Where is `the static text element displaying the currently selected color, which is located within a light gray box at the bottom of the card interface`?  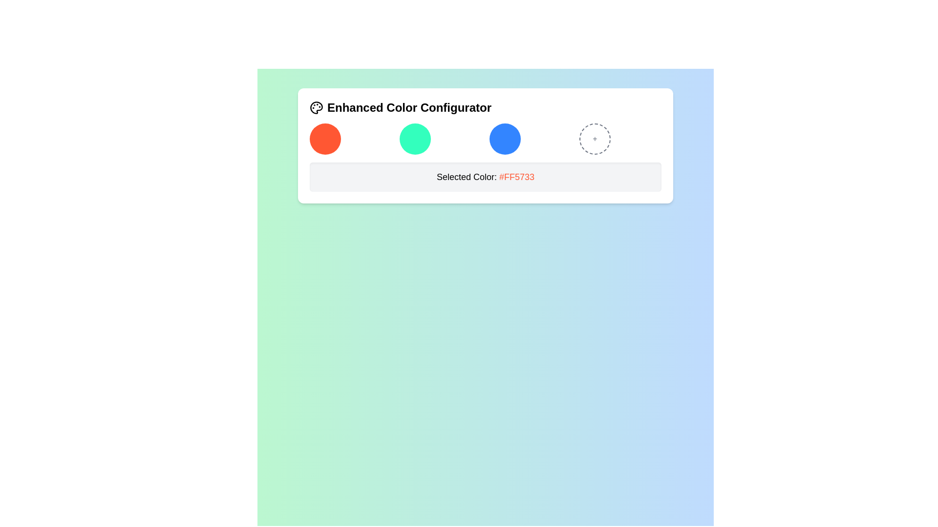 the static text element displaying the currently selected color, which is located within a light gray box at the bottom of the card interface is located at coordinates (485, 177).